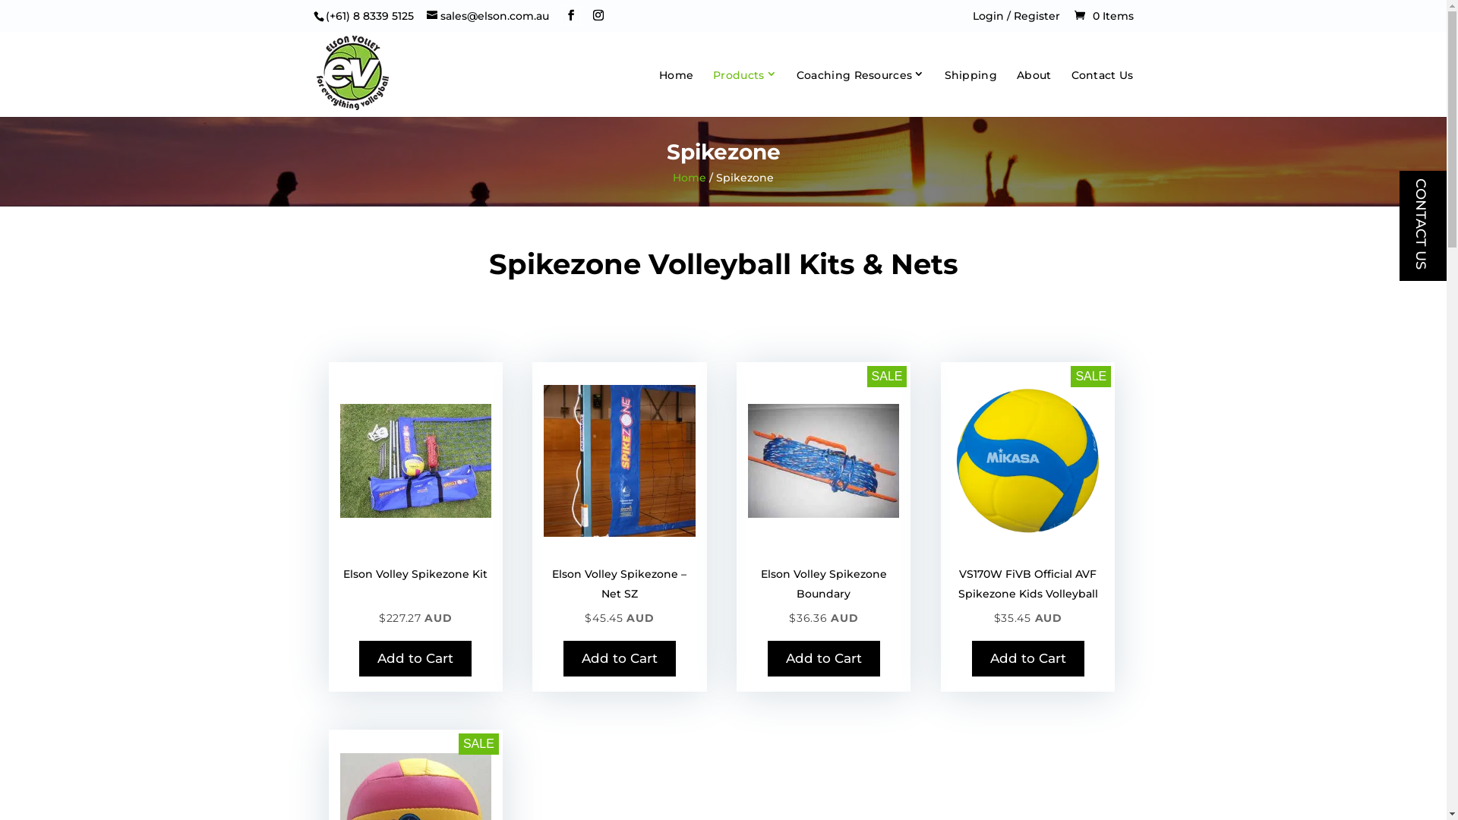  I want to click on 'Shipping', so click(970, 93).